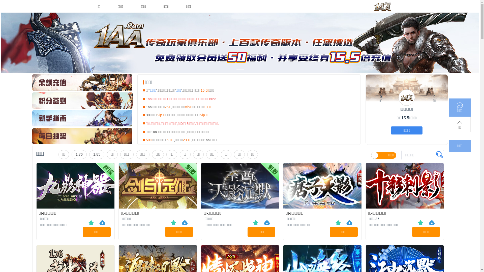 Image resolution: width=484 pixels, height=272 pixels. Describe the element at coordinates (89, 154) in the screenshot. I see `'1.85'` at that location.